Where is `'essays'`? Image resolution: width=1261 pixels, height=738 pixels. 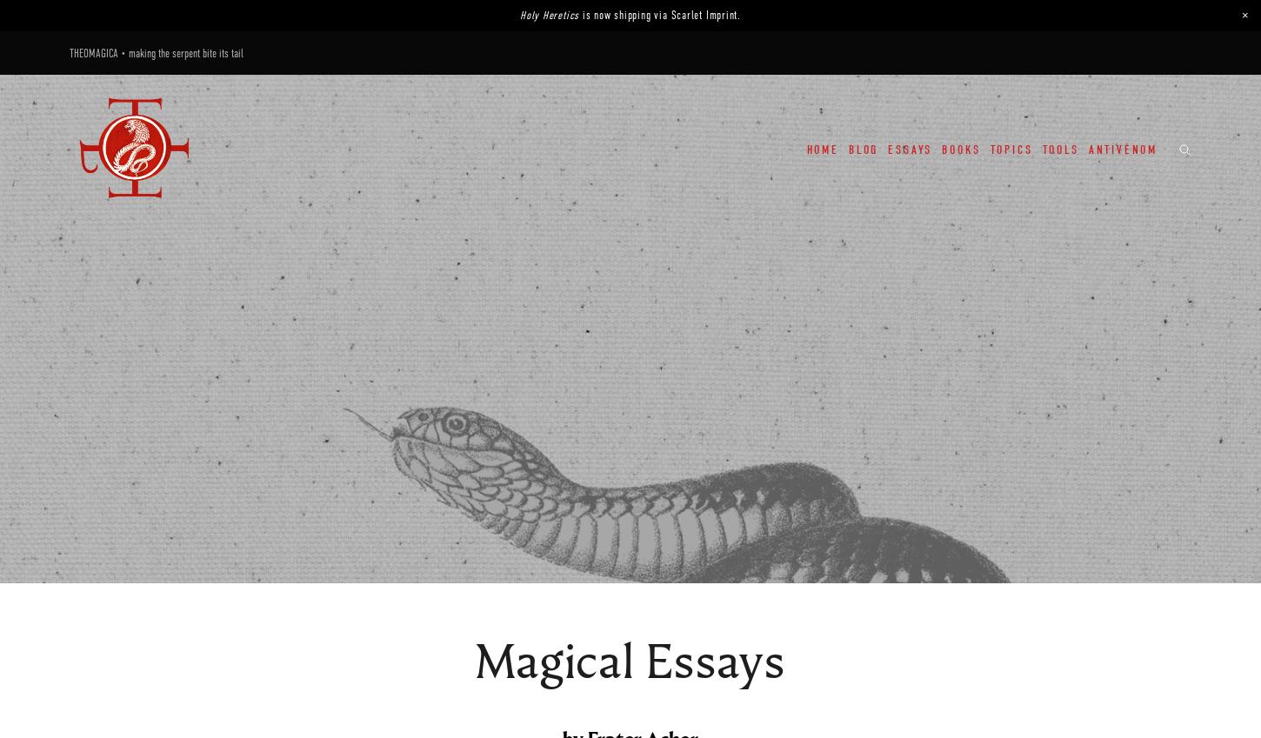 'essays' is located at coordinates (910, 149).